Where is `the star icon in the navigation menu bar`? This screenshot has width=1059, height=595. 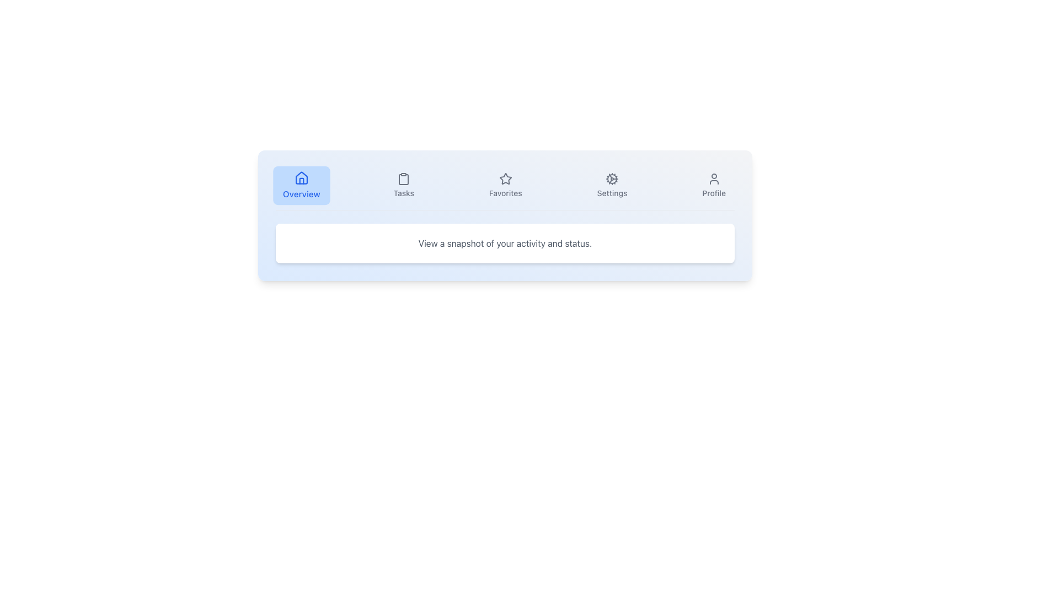 the star icon in the navigation menu bar is located at coordinates (505, 178).